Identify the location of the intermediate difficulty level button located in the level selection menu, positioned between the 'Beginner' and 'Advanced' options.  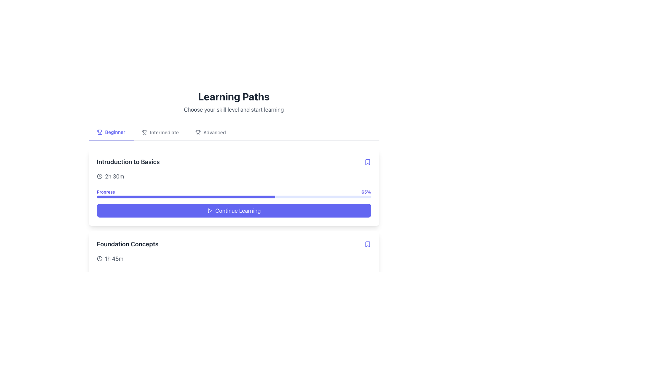
(160, 132).